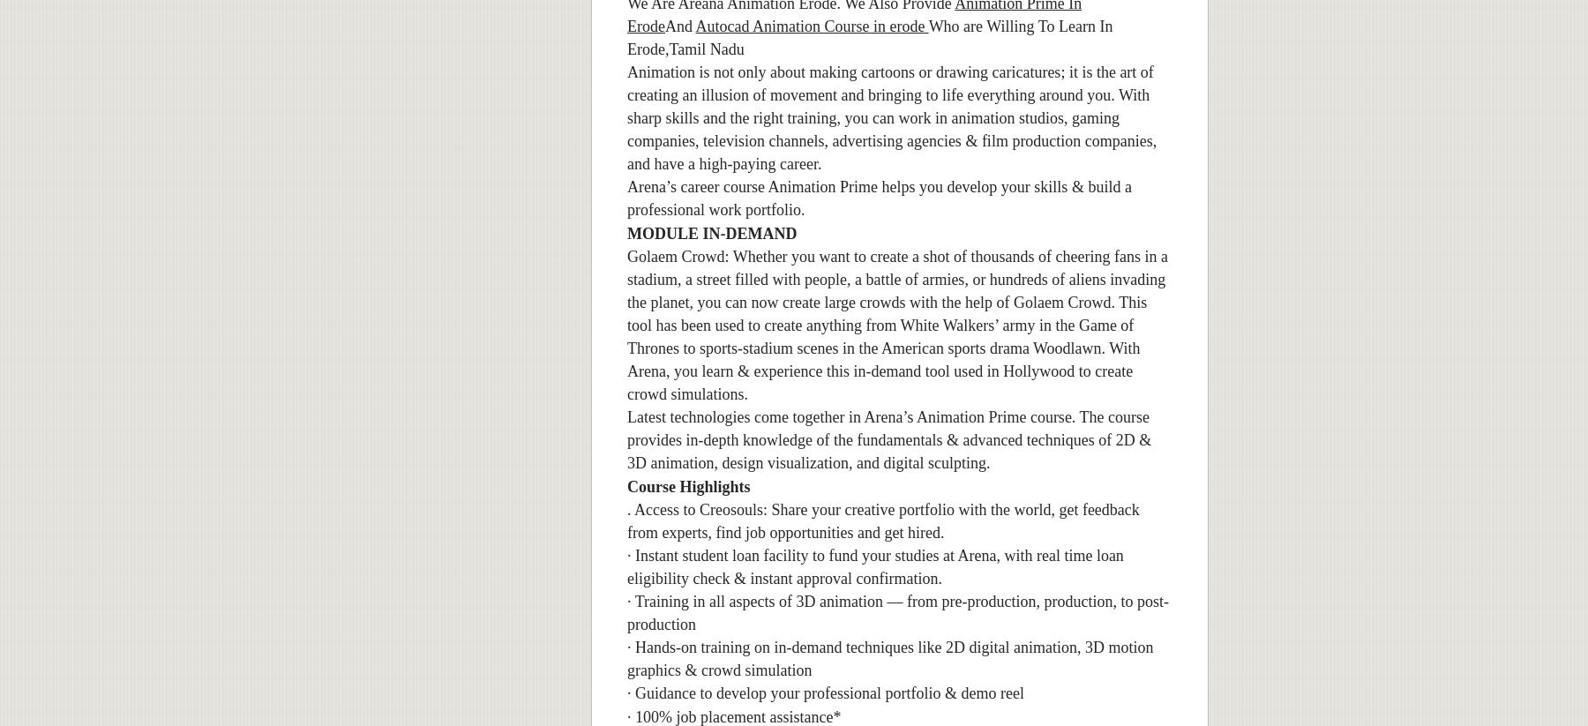  What do you see at coordinates (881, 520) in the screenshot?
I see `'. Access to Creosouls: Share your creative portfolio with the world, get feedback from experts, find job opportunities and get hired.'` at bounding box center [881, 520].